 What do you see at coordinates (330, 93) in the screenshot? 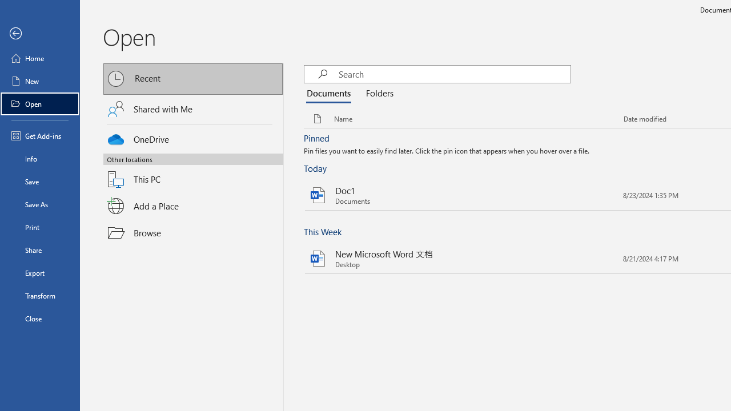
I see `'Documents'` at bounding box center [330, 93].